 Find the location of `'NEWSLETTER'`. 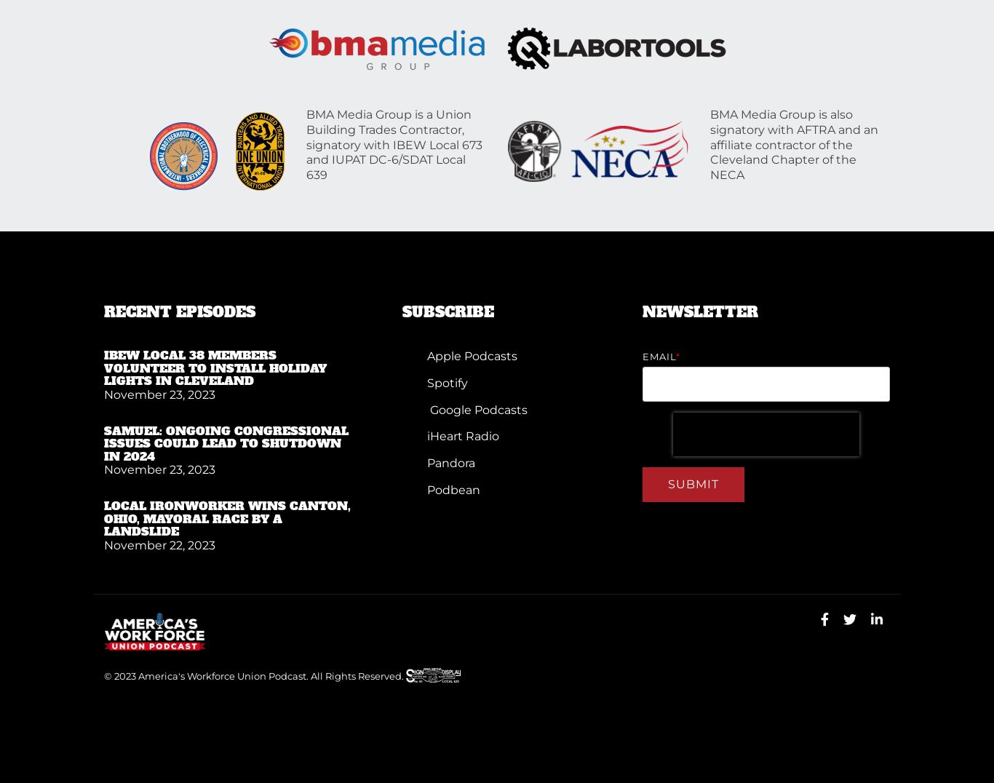

'NEWSLETTER' is located at coordinates (700, 311).